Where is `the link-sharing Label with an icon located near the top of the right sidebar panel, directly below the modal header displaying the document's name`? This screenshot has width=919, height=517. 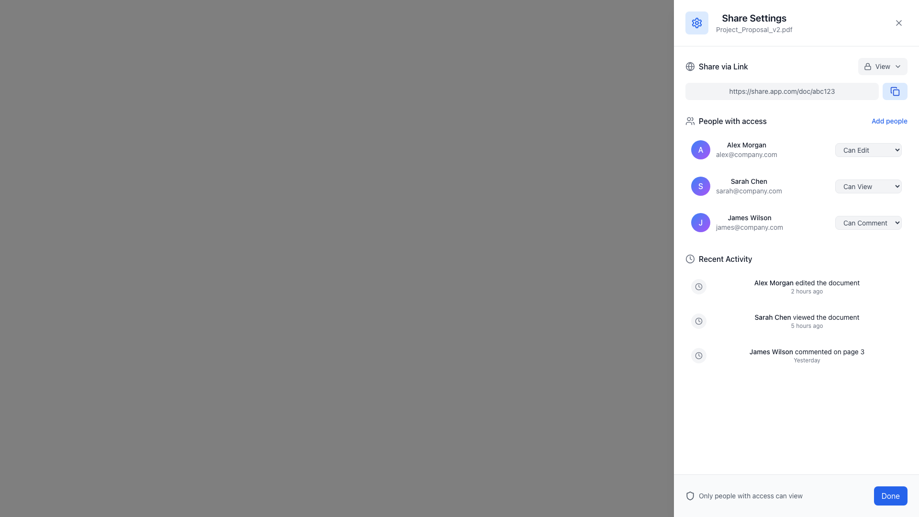
the link-sharing Label with an icon located near the top of the right sidebar panel, directly below the modal header displaying the document's name is located at coordinates (717, 66).